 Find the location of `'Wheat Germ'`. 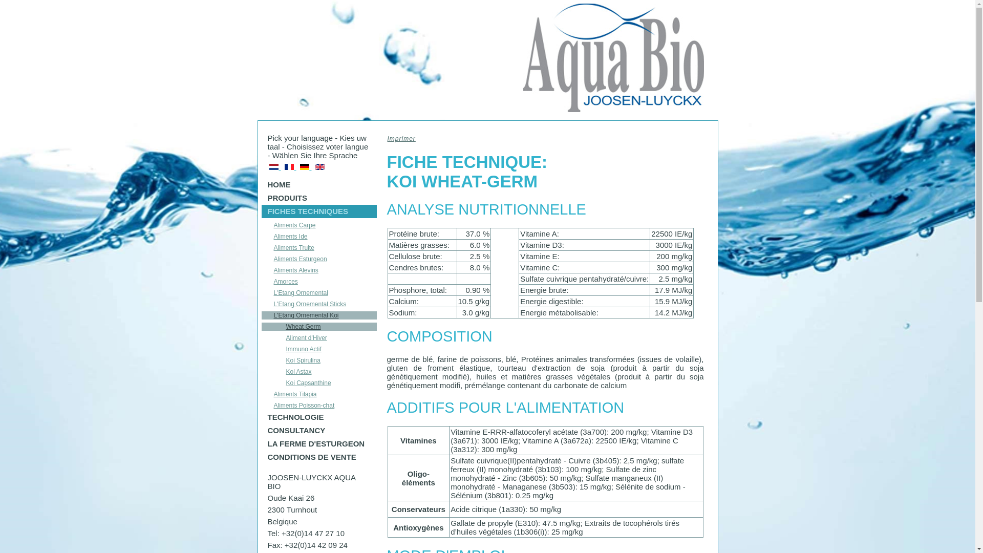

'Wheat Germ' is located at coordinates (318, 326).